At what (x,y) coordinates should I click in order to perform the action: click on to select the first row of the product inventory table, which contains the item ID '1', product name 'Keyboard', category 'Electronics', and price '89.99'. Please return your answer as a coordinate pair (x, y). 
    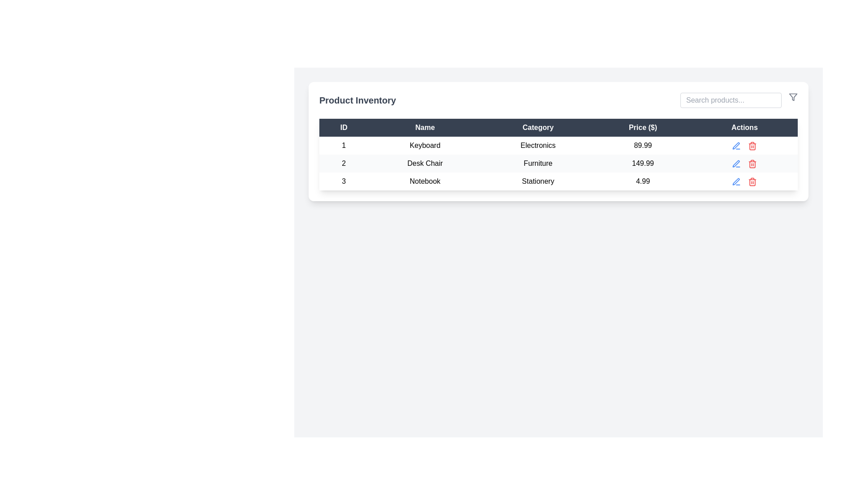
    Looking at the image, I should click on (558, 145).